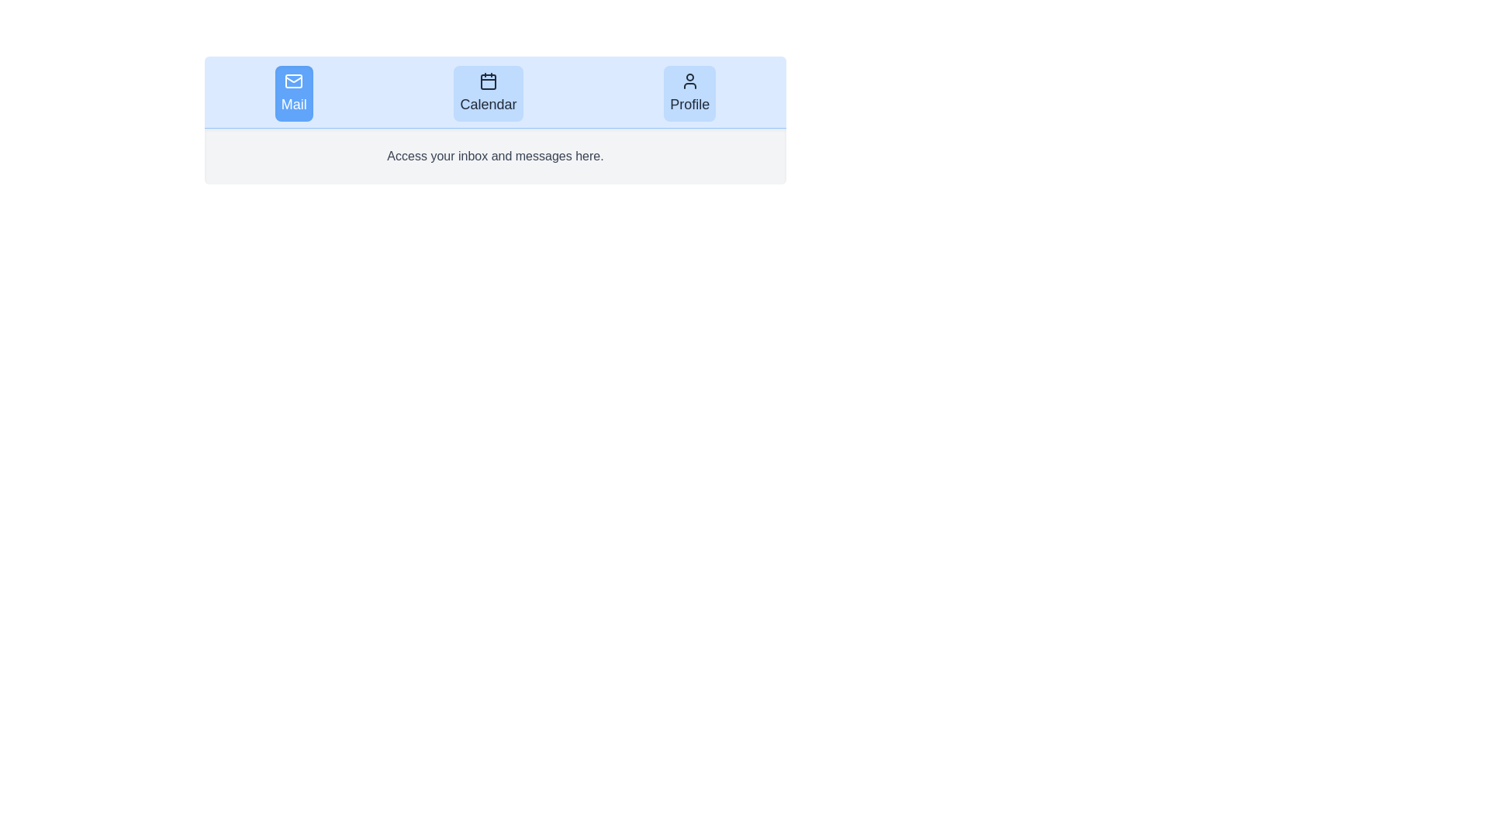 This screenshot has width=1489, height=837. What do you see at coordinates (294, 93) in the screenshot?
I see `the tab labeled Mail to observe visual changes` at bounding box center [294, 93].